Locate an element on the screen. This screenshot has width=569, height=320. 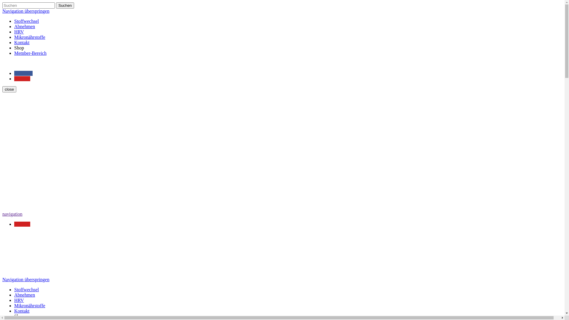
'close' is located at coordinates (9, 89).